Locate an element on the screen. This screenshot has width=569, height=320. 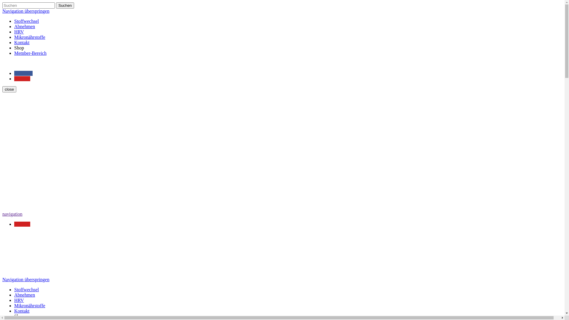
'close' is located at coordinates (9, 89).